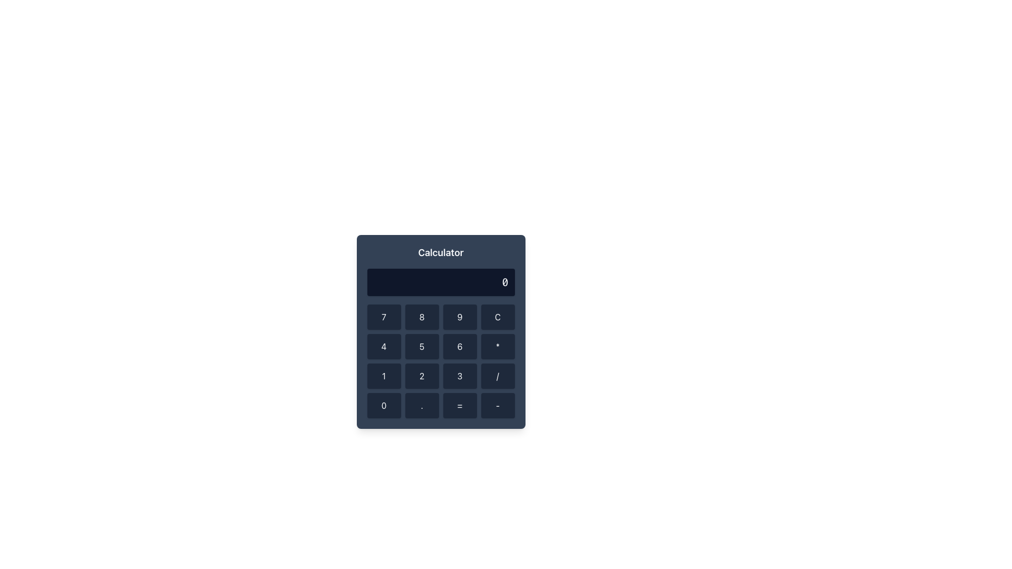 The width and height of the screenshot is (1012, 569). I want to click on the square button with rounded edges and a white number '3' centered on a dark slate background to input the digit 3, so click(460, 375).